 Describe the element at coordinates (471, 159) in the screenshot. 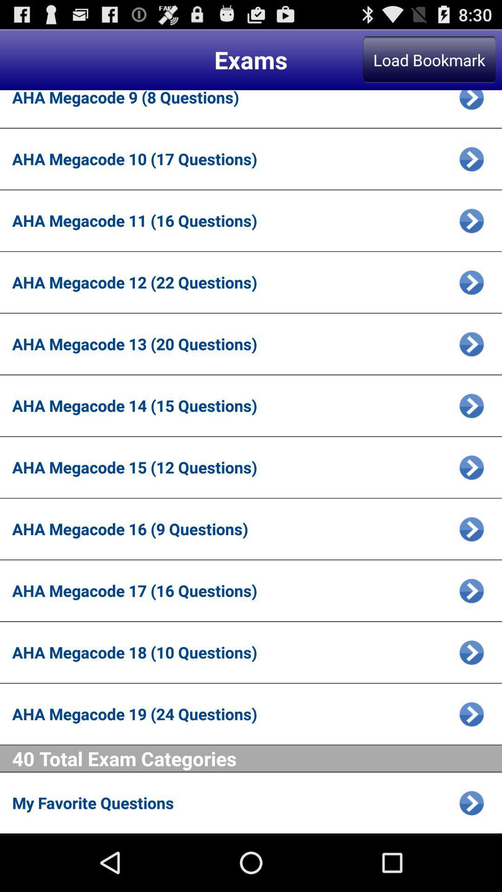

I see `open page` at that location.